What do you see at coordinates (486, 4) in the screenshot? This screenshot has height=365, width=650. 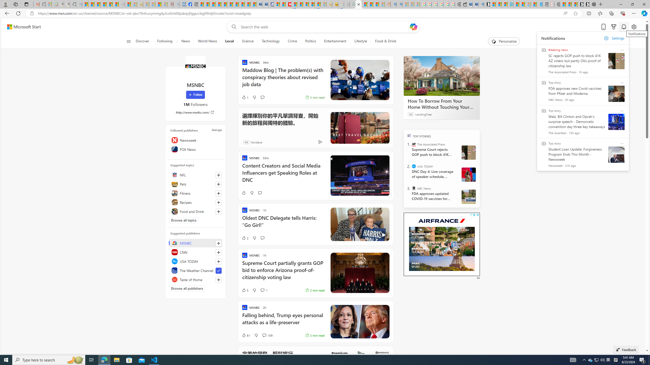 I see `'Microsoft Start Gaming'` at bounding box center [486, 4].